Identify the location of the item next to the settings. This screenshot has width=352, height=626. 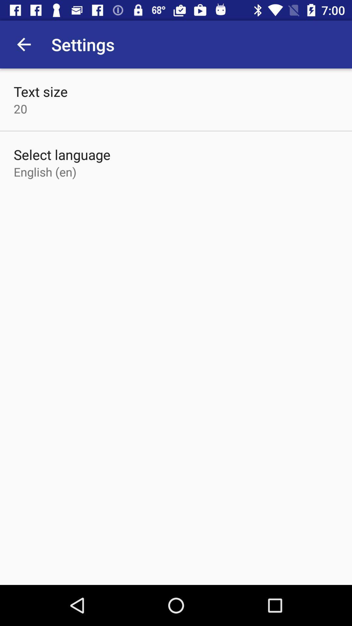
(23, 44).